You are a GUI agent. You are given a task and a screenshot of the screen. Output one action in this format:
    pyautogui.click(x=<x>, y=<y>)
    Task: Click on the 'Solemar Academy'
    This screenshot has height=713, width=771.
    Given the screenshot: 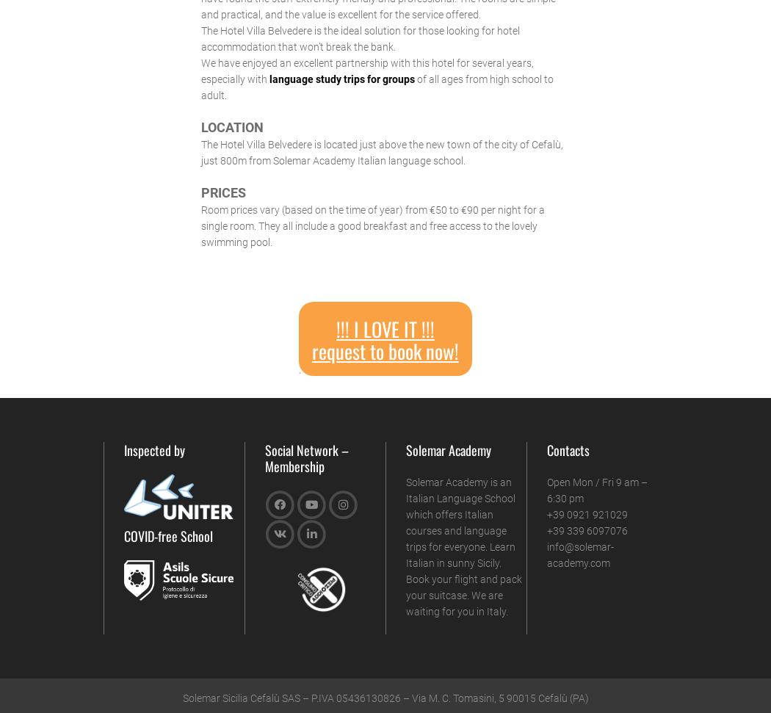 What is the action you would take?
    pyautogui.click(x=448, y=449)
    